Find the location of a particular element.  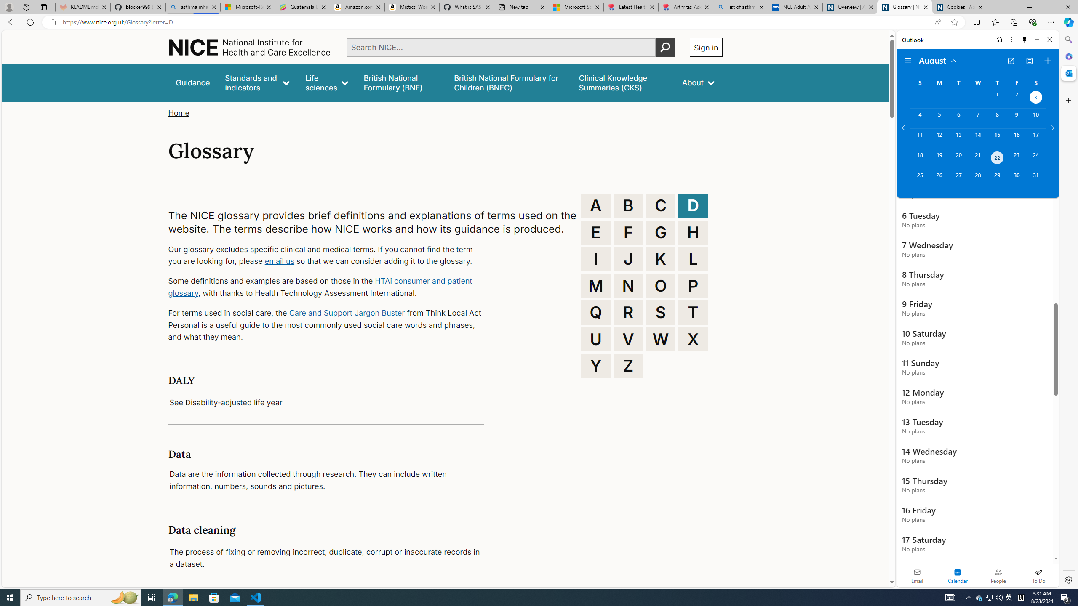

'More options' is located at coordinates (1011, 39).